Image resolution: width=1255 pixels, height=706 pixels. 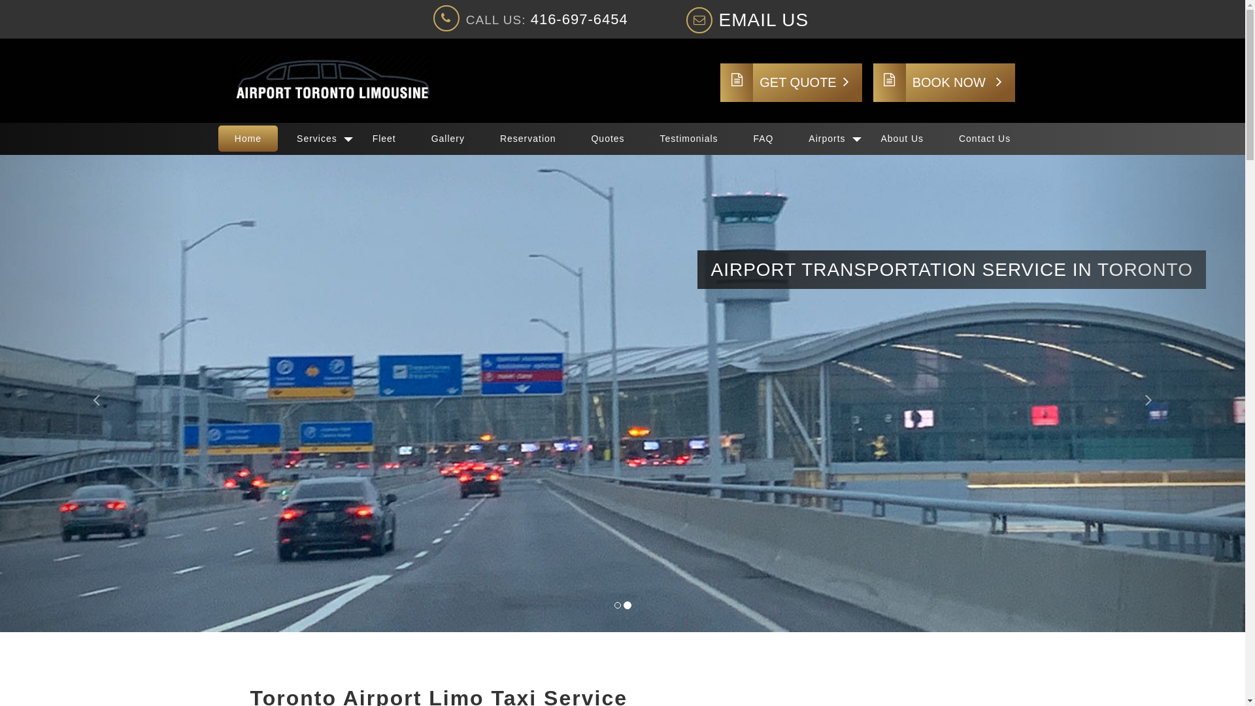 What do you see at coordinates (331, 82) in the screenshot?
I see `'Airport Toronto Limo Taxi'` at bounding box center [331, 82].